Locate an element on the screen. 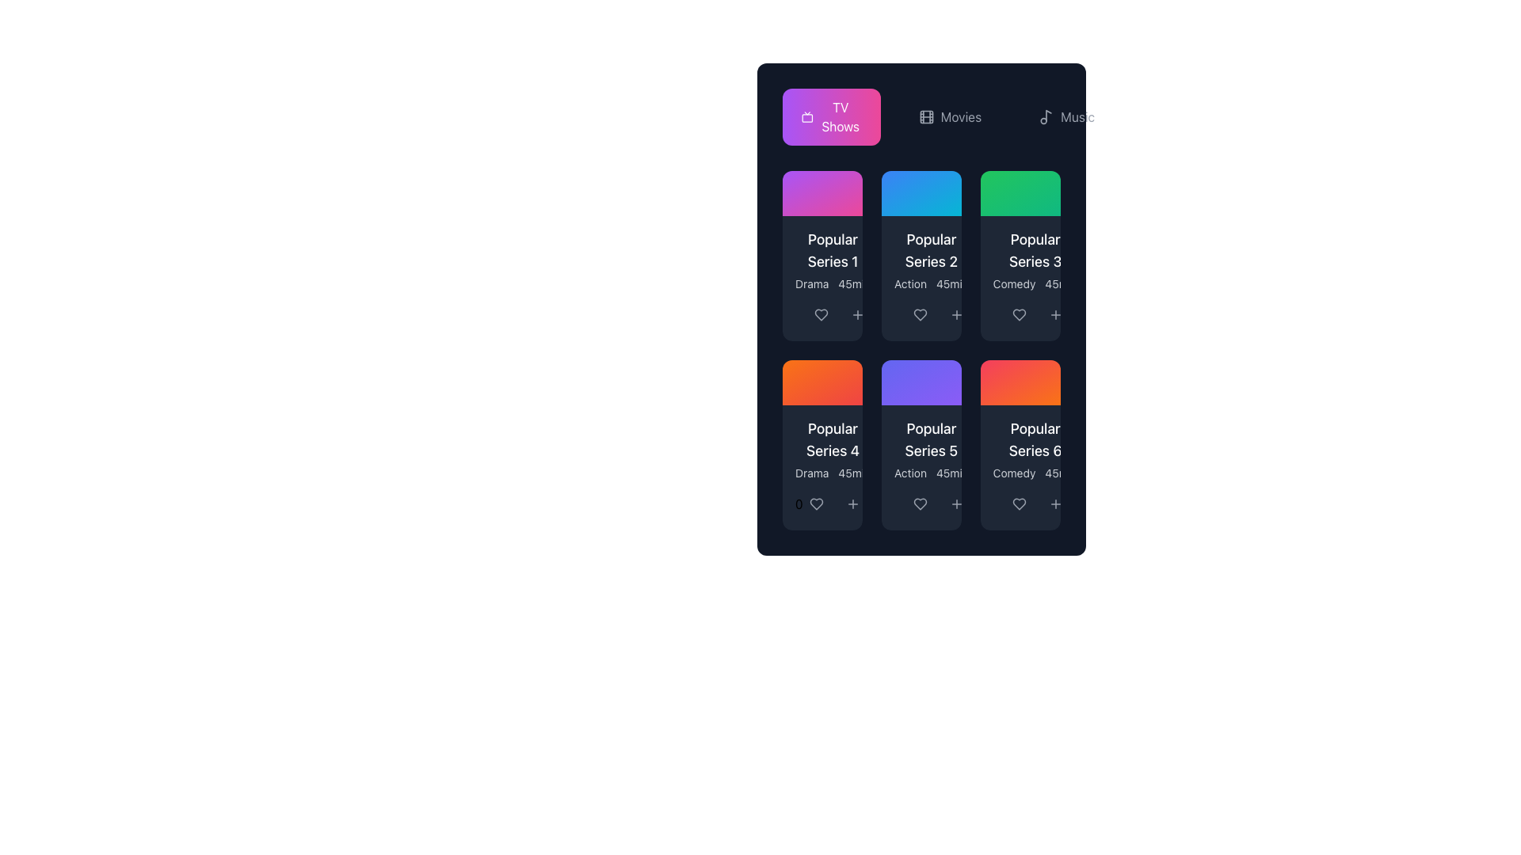 The height and width of the screenshot is (855, 1521). the Label or Text Display that indicates the genre 'Action' and duration '45min', located below the title 'Popular Series 5' in the second row and second column of the grid is located at coordinates (932, 472).